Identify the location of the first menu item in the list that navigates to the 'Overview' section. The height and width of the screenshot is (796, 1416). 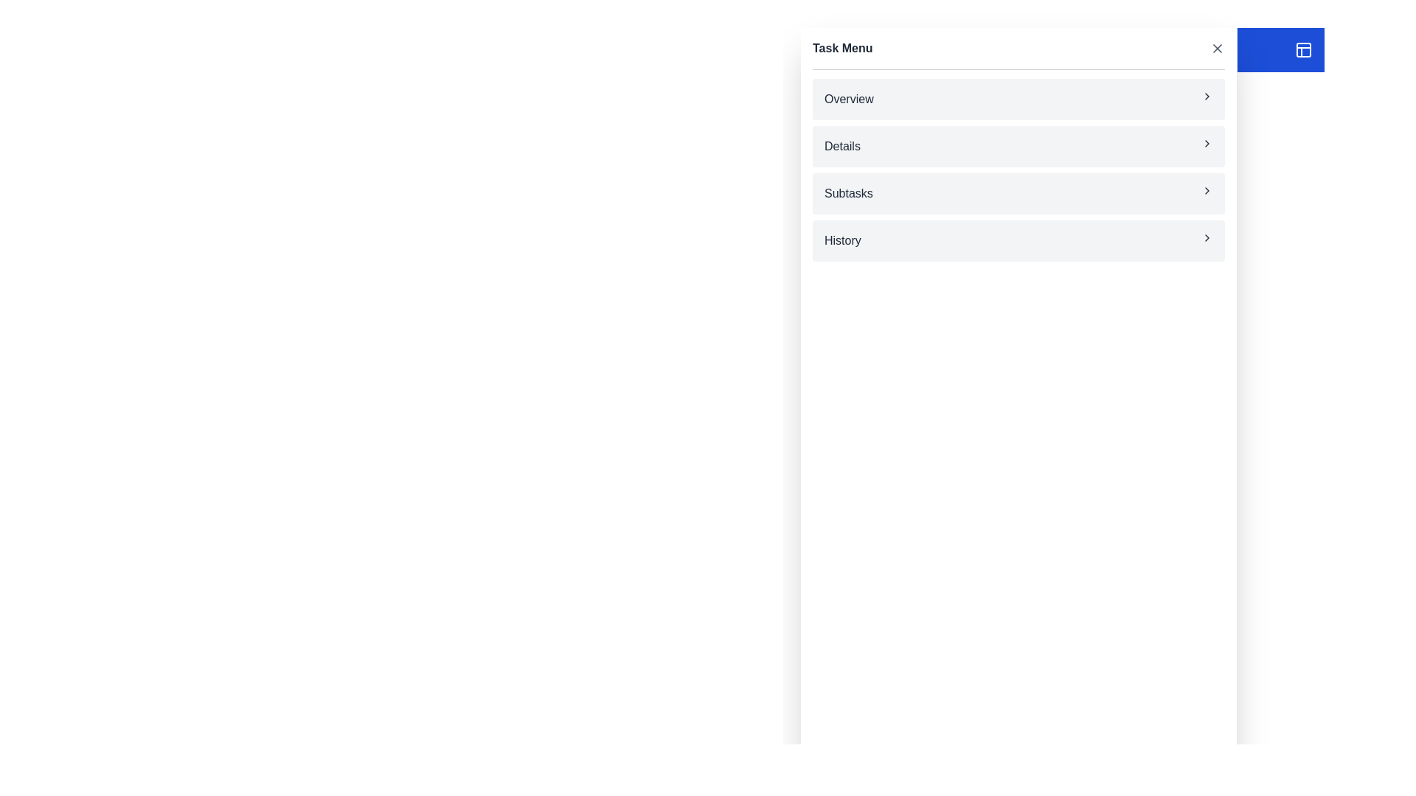
(1018, 99).